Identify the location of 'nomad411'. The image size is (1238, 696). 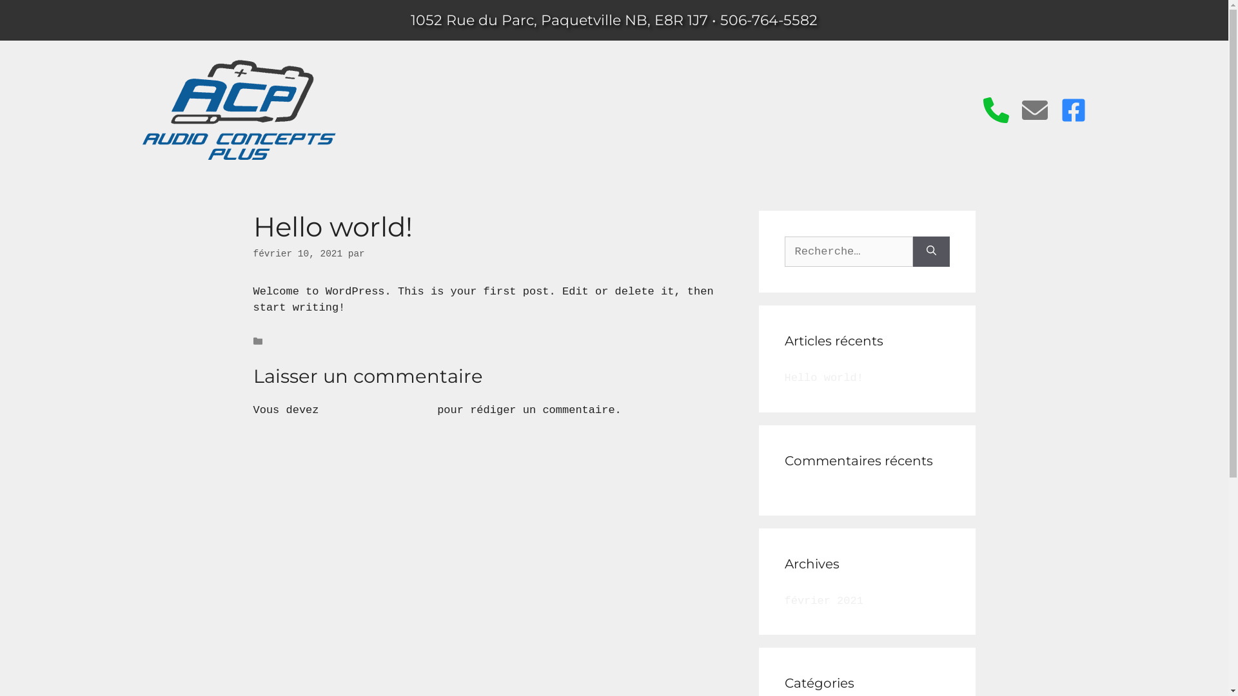
(369, 253).